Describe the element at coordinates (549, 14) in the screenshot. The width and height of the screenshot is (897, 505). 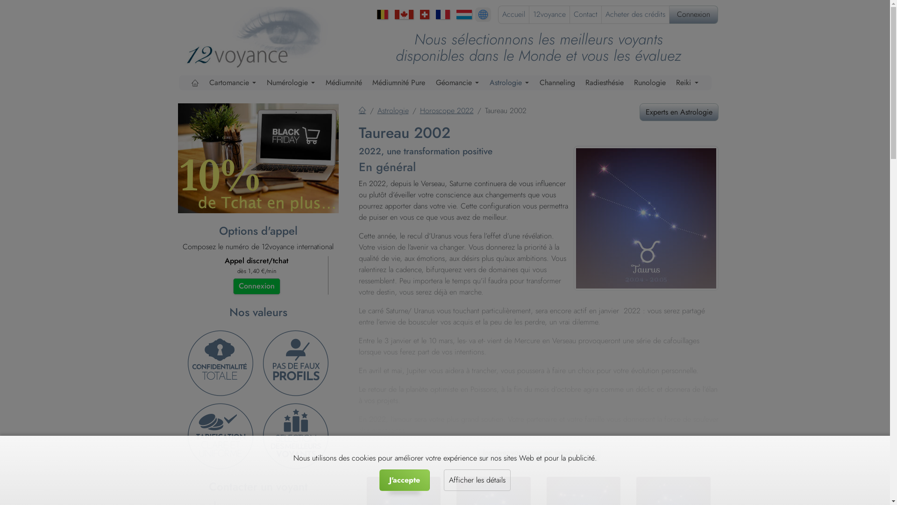
I see `'12voyance'` at that location.